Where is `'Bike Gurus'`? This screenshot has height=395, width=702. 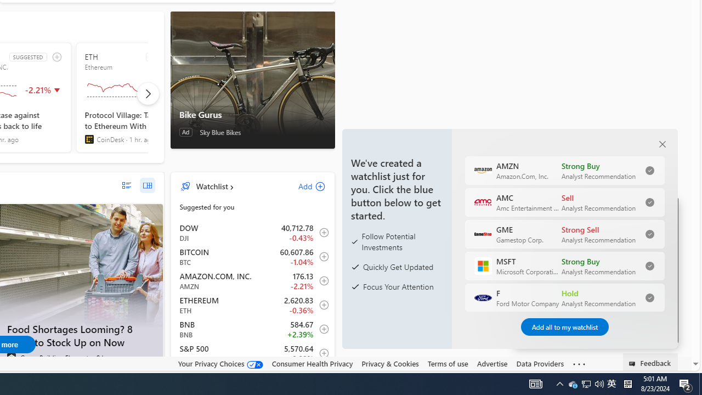 'Bike Gurus' is located at coordinates (252, 79).